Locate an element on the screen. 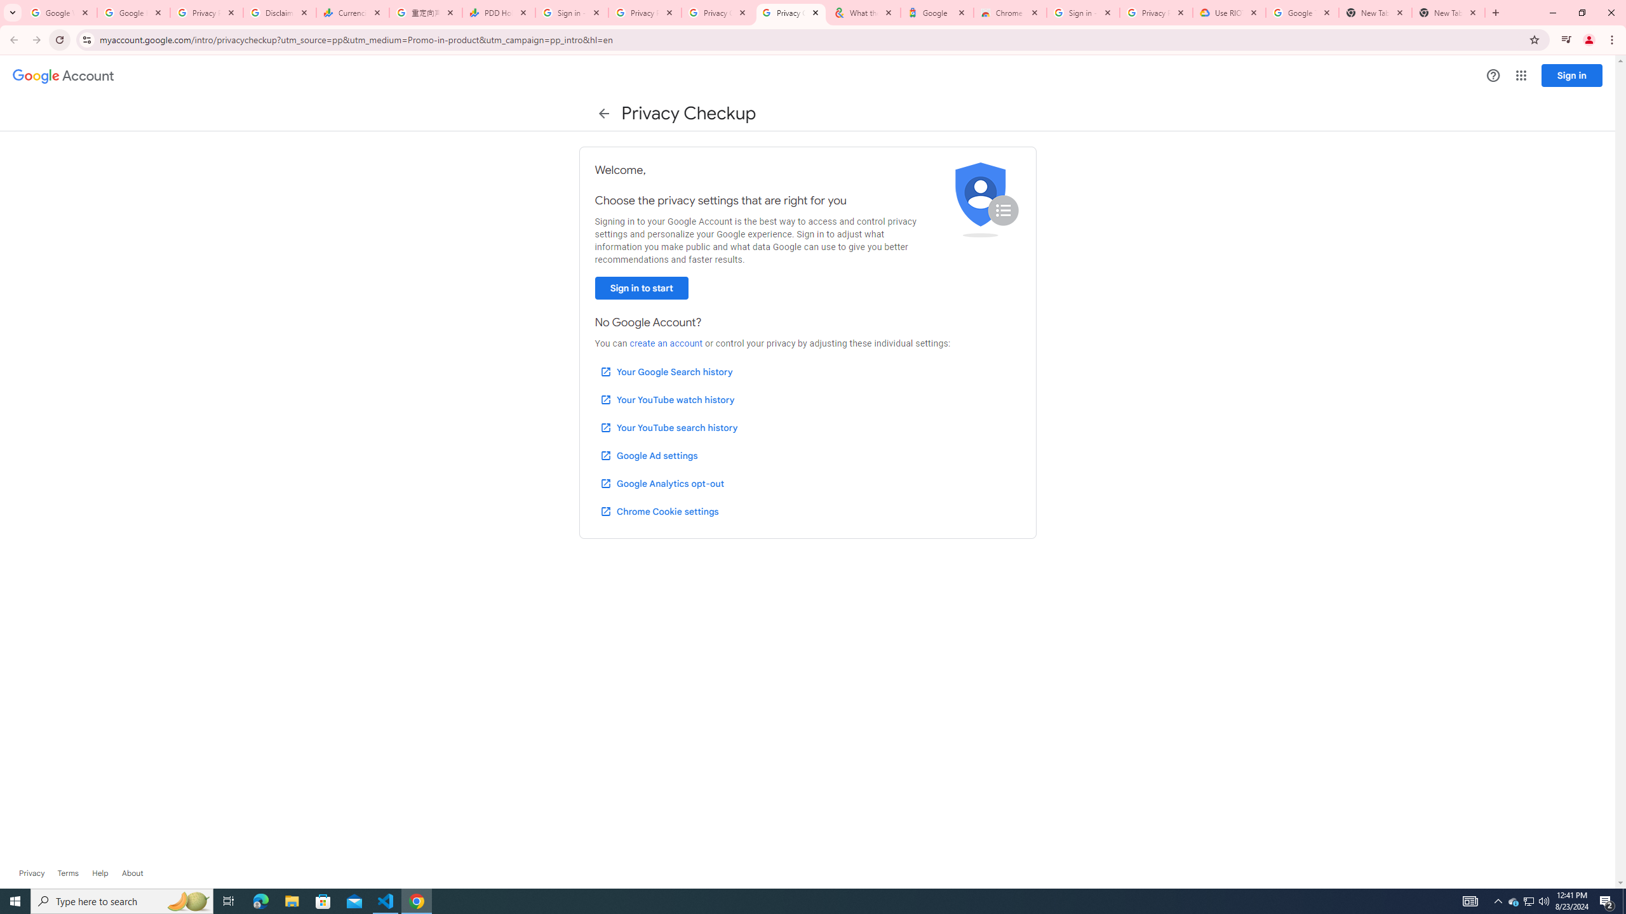 This screenshot has width=1626, height=914. 'Control your music, videos, and more' is located at coordinates (1566, 39).